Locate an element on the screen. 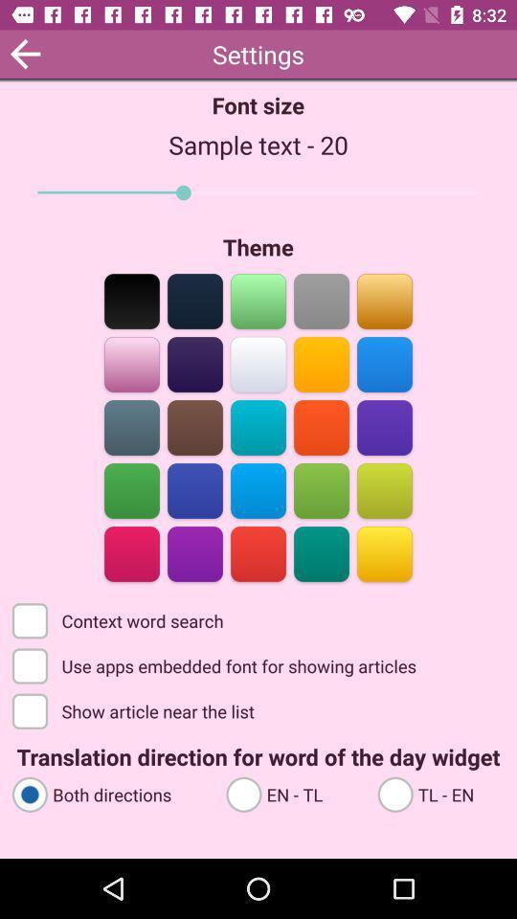 The width and height of the screenshot is (517, 919). this color is located at coordinates (321, 552).